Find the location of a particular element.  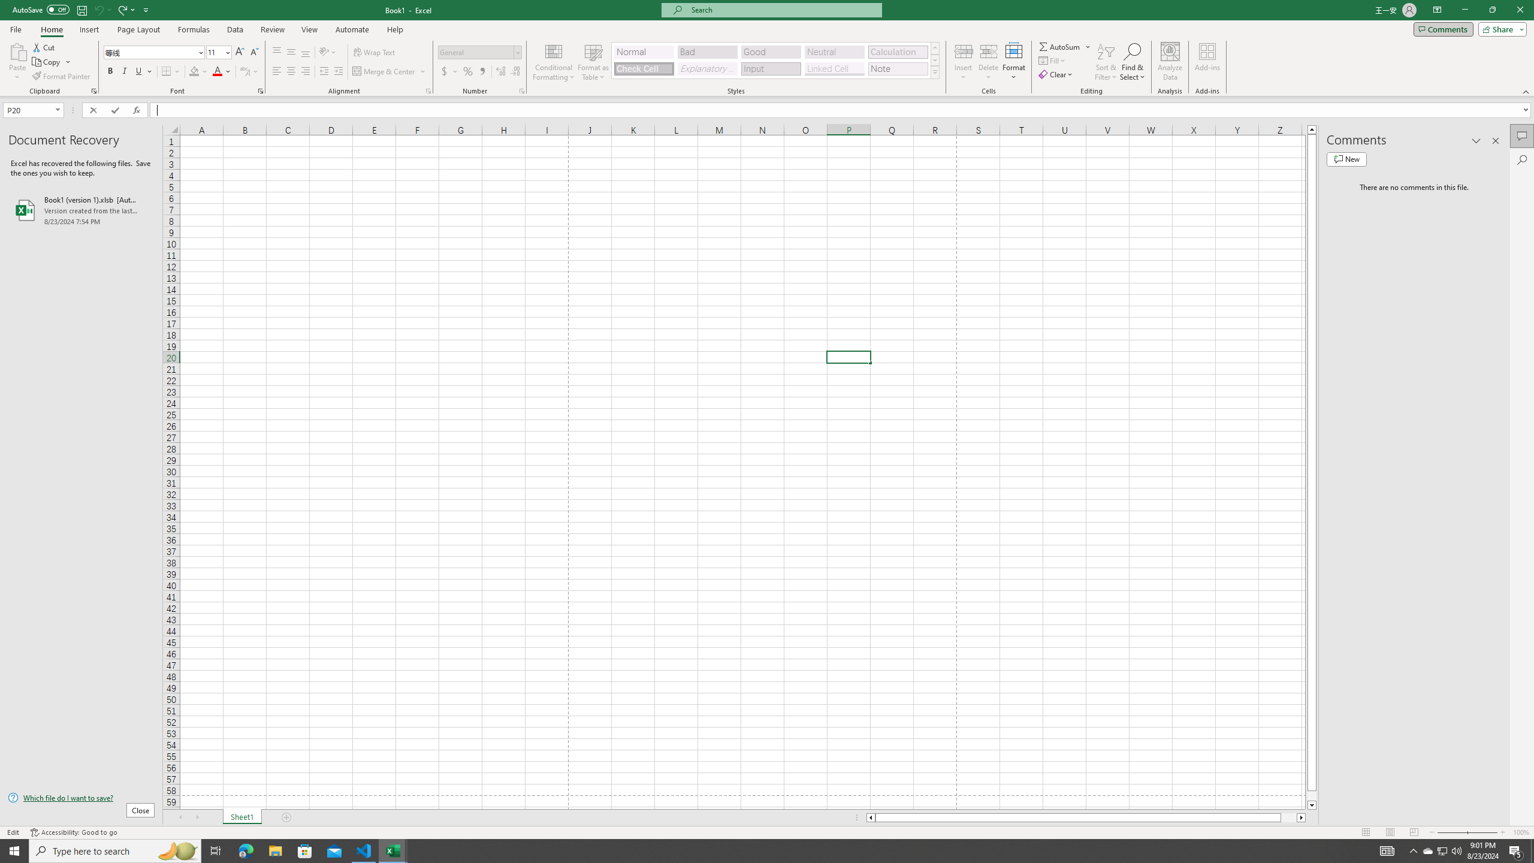

'Middle Align' is located at coordinates (291, 52).